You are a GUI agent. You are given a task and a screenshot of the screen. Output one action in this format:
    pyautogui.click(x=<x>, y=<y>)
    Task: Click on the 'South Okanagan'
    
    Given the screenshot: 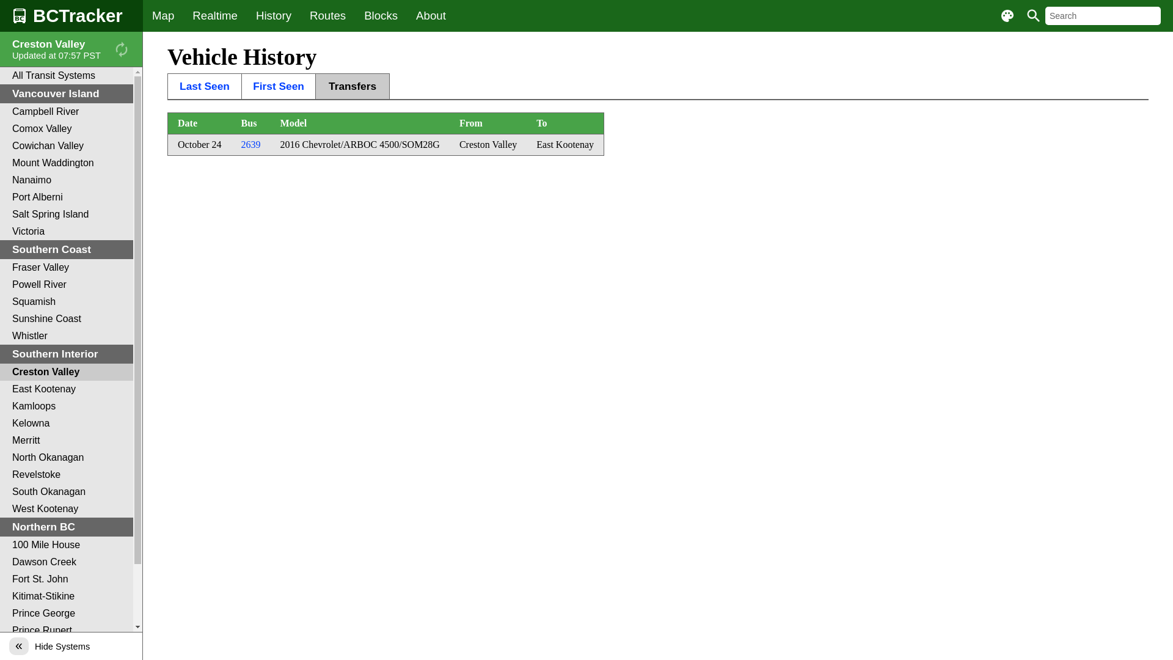 What is the action you would take?
    pyautogui.click(x=66, y=491)
    